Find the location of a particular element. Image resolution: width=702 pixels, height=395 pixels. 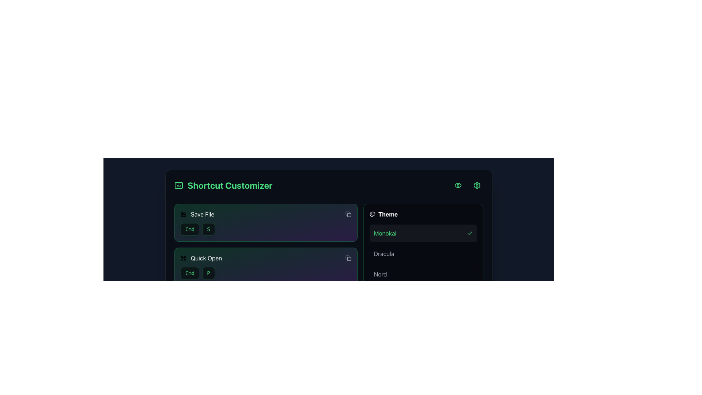

keyboard navigation is located at coordinates (348, 346).